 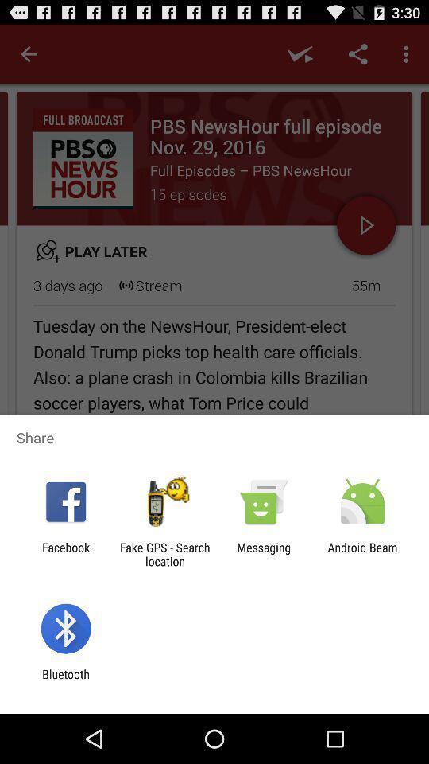 I want to click on the item to the right of facebook app, so click(x=164, y=554).